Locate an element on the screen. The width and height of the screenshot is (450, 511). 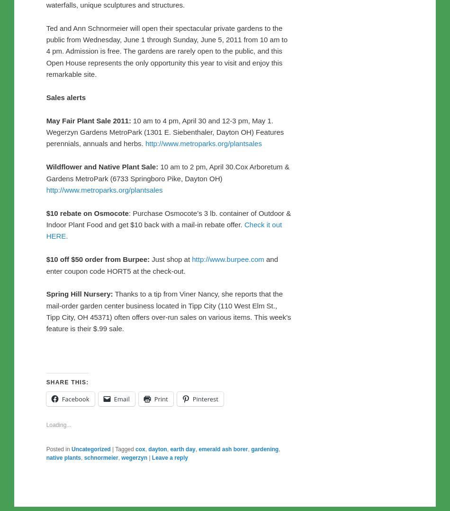
'Schnormeier Garden Tour' is located at coordinates (118, 122).